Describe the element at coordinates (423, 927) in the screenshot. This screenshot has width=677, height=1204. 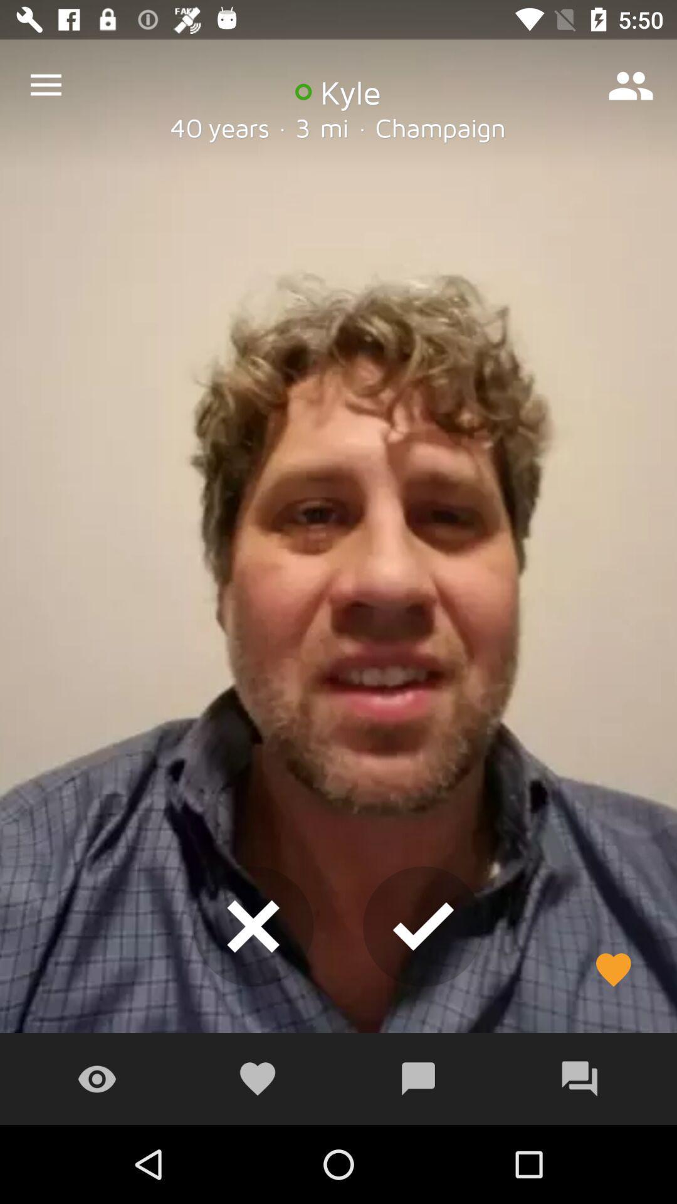
I see `the tick option` at that location.